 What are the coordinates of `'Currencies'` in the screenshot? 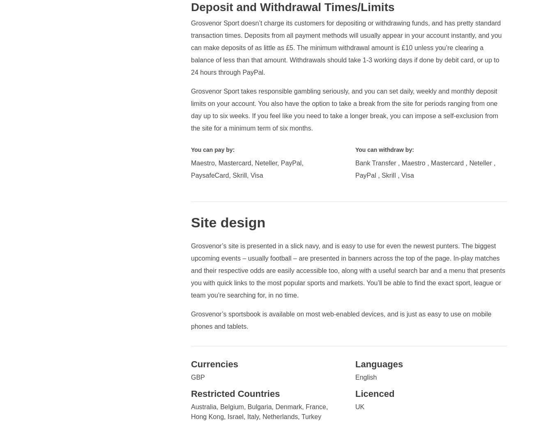 It's located at (214, 364).